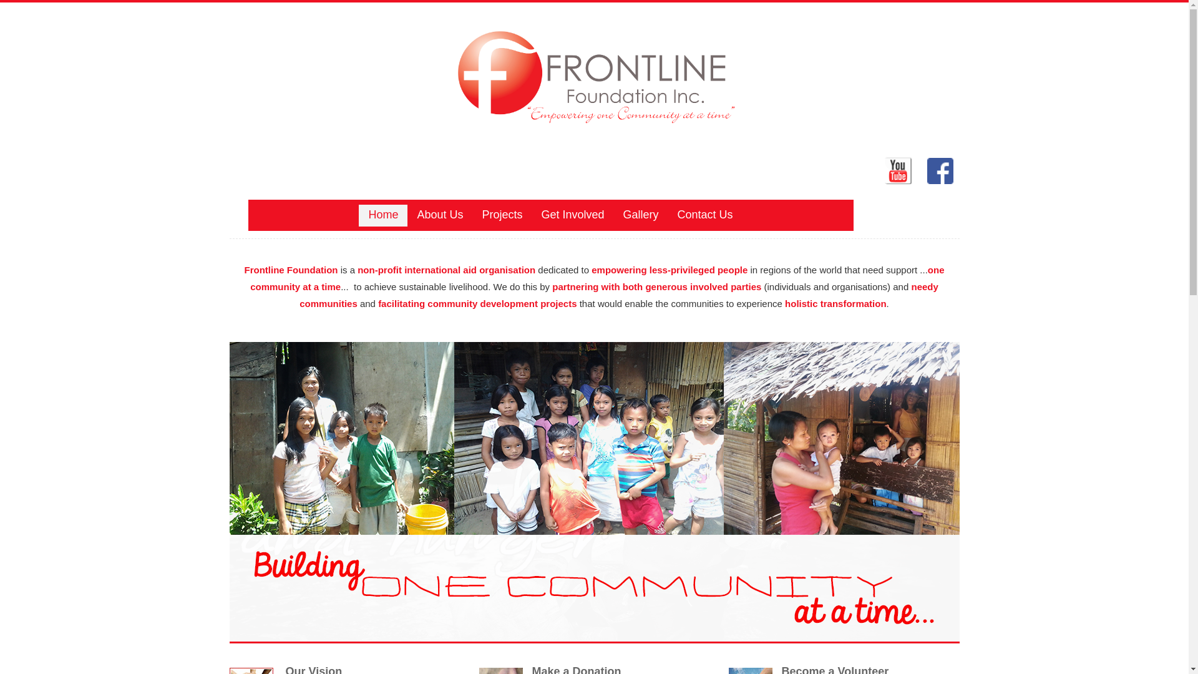 The image size is (1198, 674). I want to click on 'Gallery', so click(641, 215).